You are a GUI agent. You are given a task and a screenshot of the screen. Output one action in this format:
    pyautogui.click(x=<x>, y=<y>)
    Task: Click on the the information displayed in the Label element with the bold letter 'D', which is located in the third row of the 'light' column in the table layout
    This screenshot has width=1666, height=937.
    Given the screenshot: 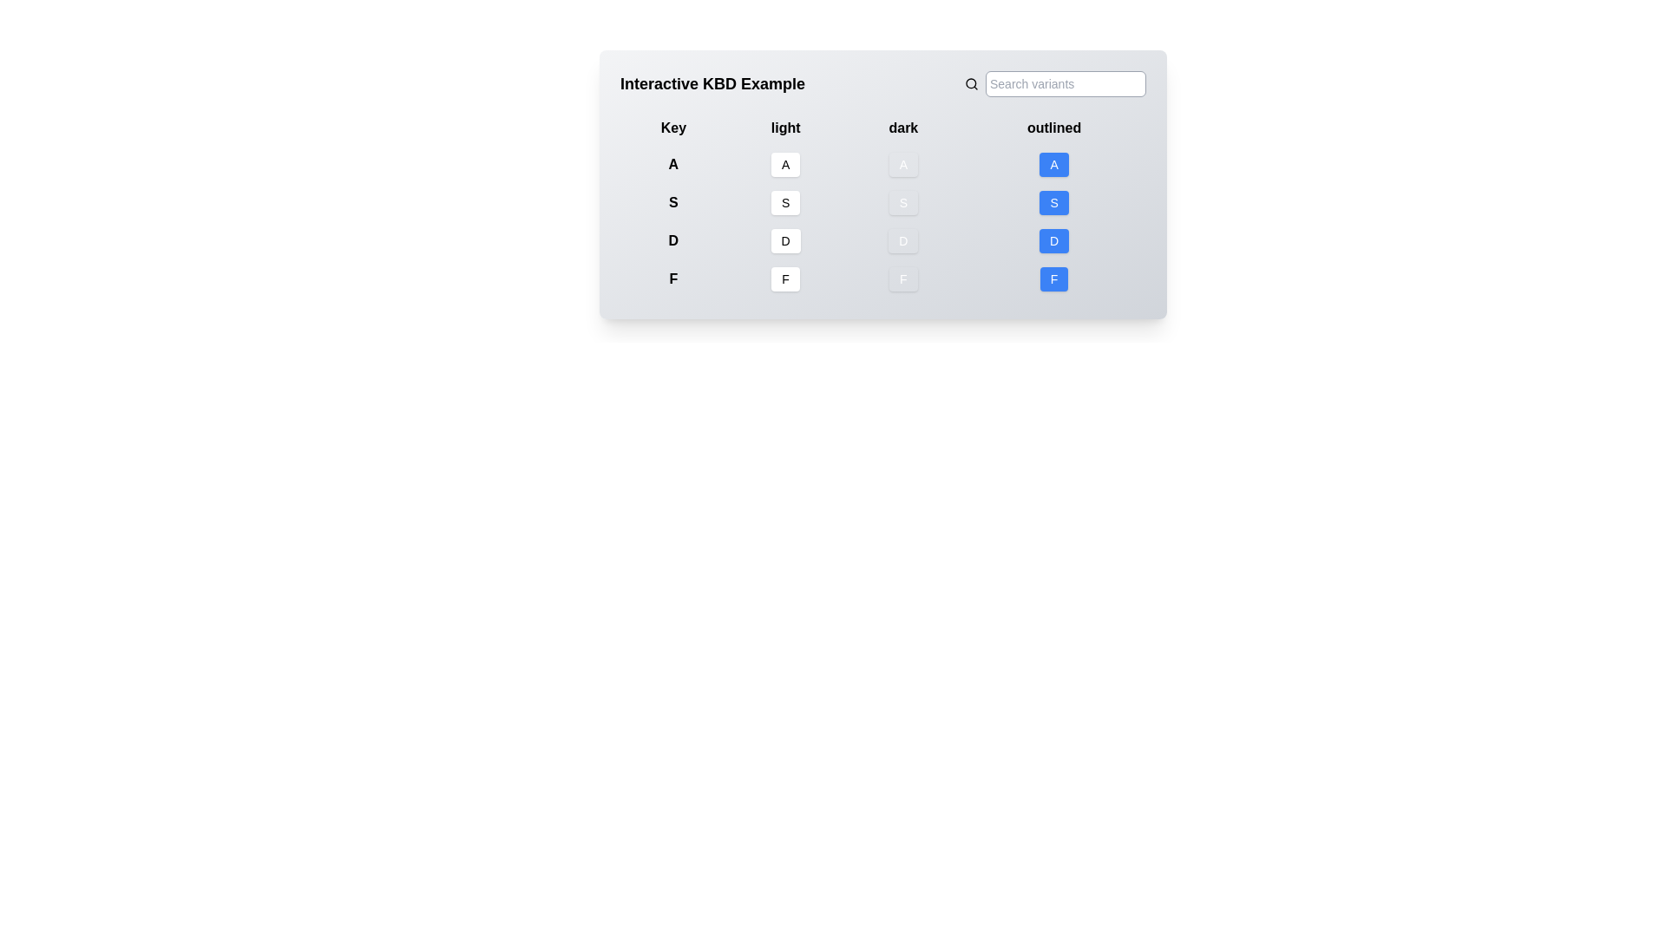 What is the action you would take?
    pyautogui.click(x=784, y=240)
    